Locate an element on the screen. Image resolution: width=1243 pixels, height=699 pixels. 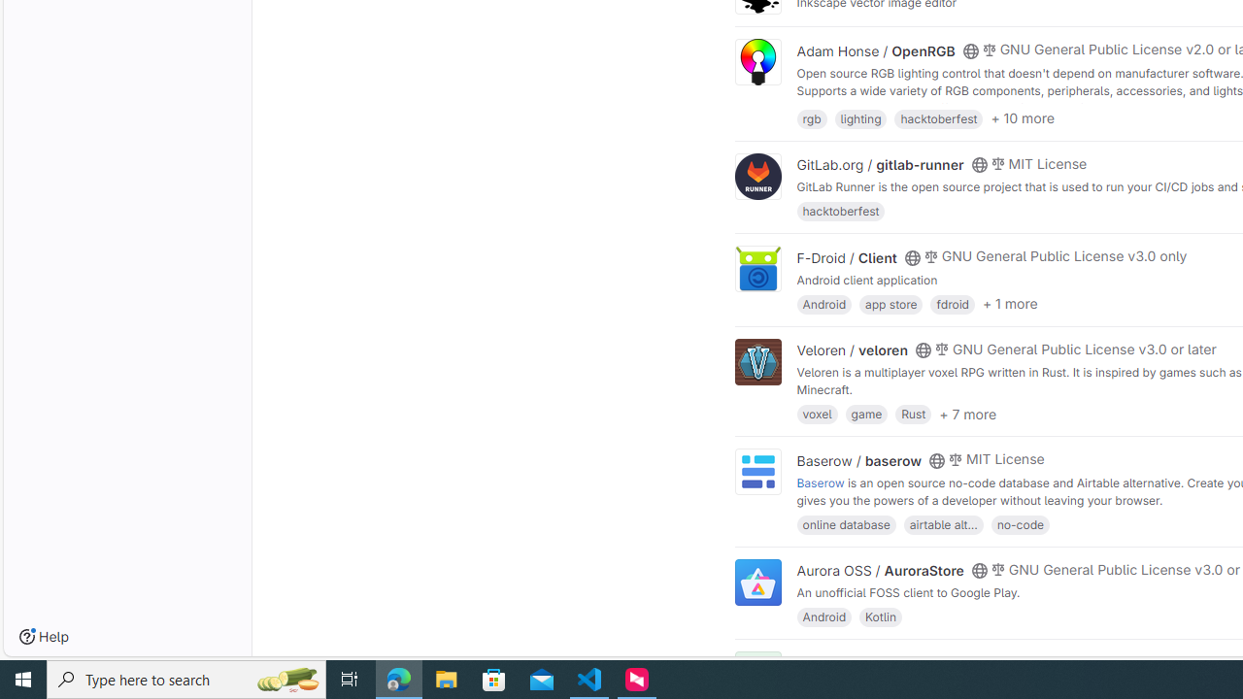
'fdroid' is located at coordinates (953, 303).